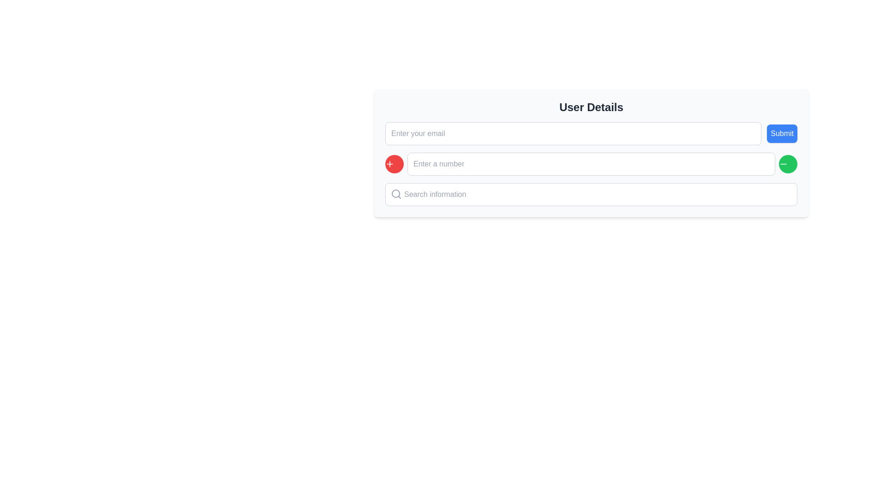  What do you see at coordinates (396, 193) in the screenshot?
I see `the magnifying glass icon located on the left side of the search input field labeled 'Search information'` at bounding box center [396, 193].